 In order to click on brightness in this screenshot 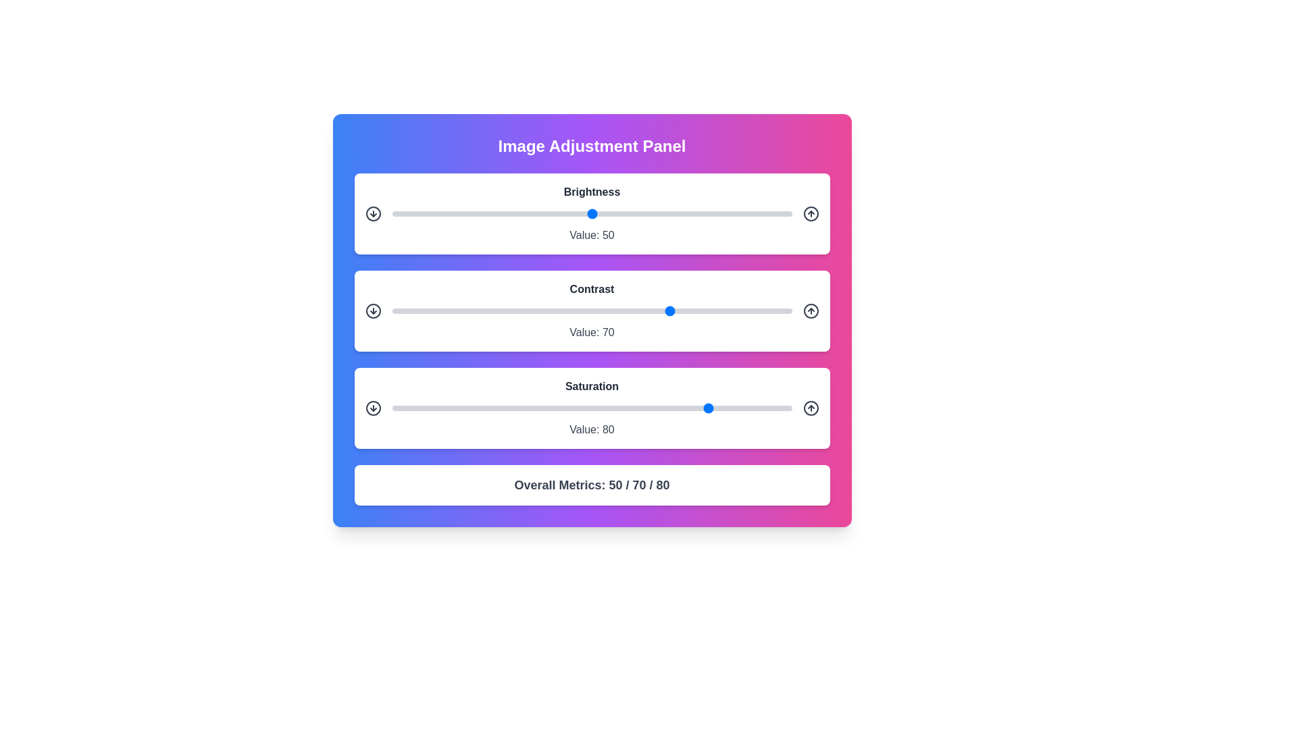, I will do `click(743, 213)`.